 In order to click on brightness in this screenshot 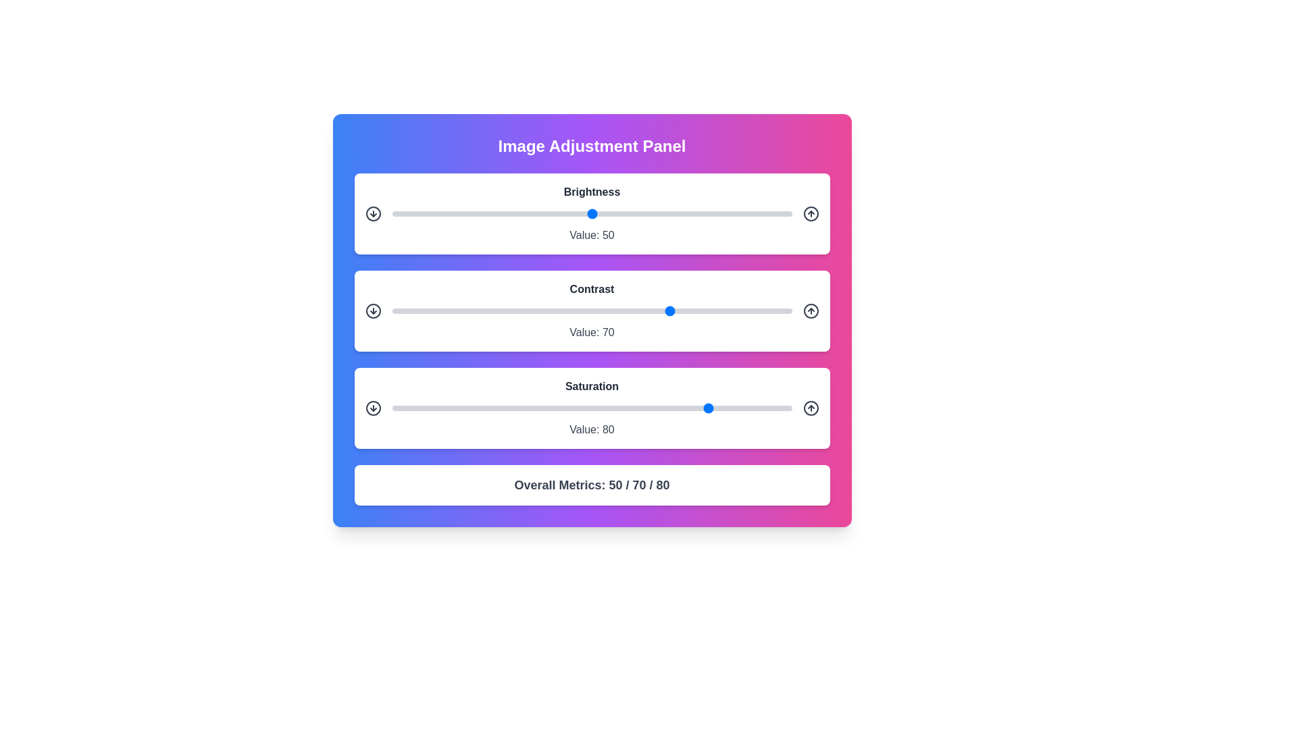, I will do `click(743, 213)`.